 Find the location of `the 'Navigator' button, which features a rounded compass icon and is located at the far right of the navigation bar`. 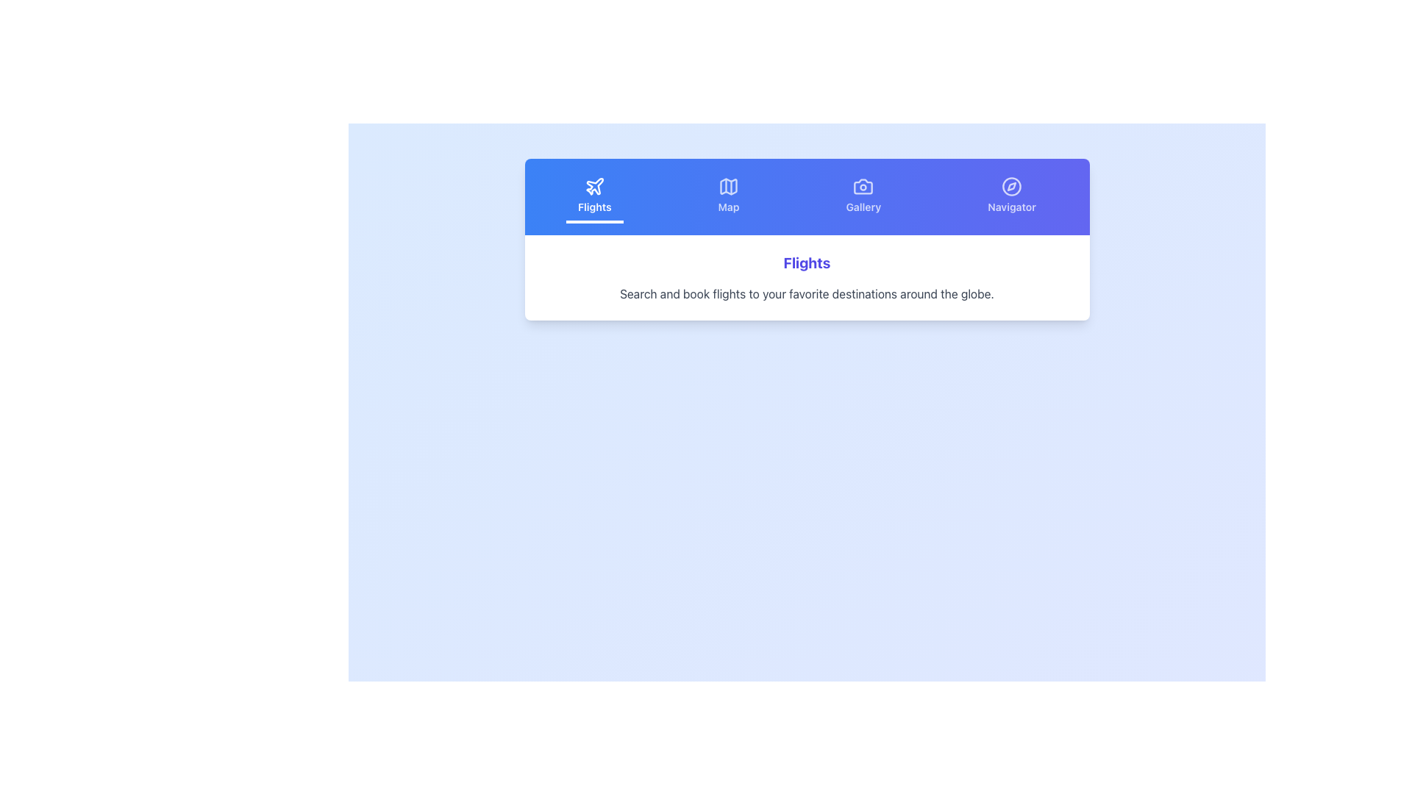

the 'Navigator' button, which features a rounded compass icon and is located at the far right of the navigation bar is located at coordinates (1011, 196).